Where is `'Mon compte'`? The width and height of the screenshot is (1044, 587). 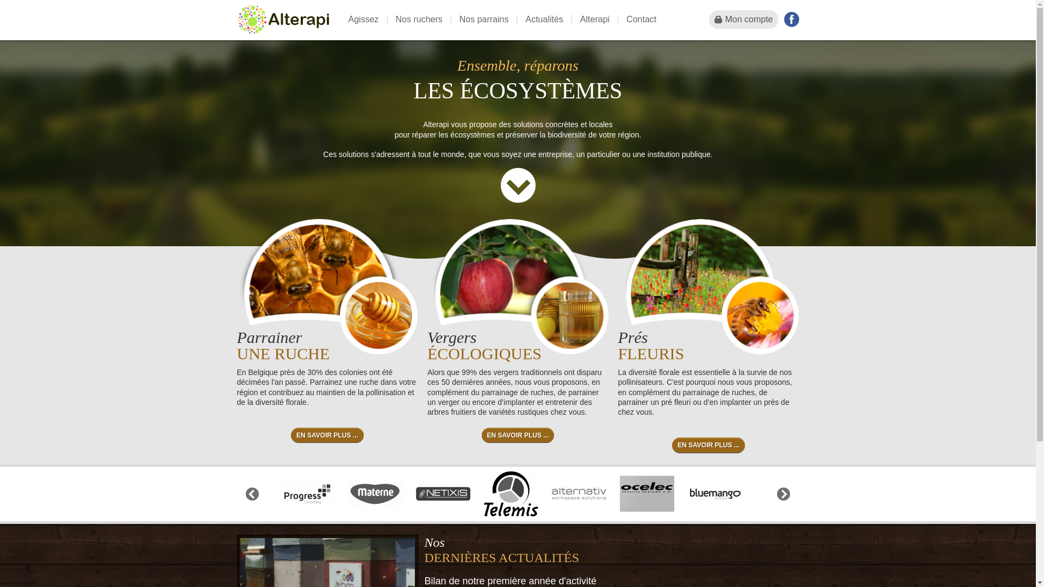 'Mon compte' is located at coordinates (709, 19).